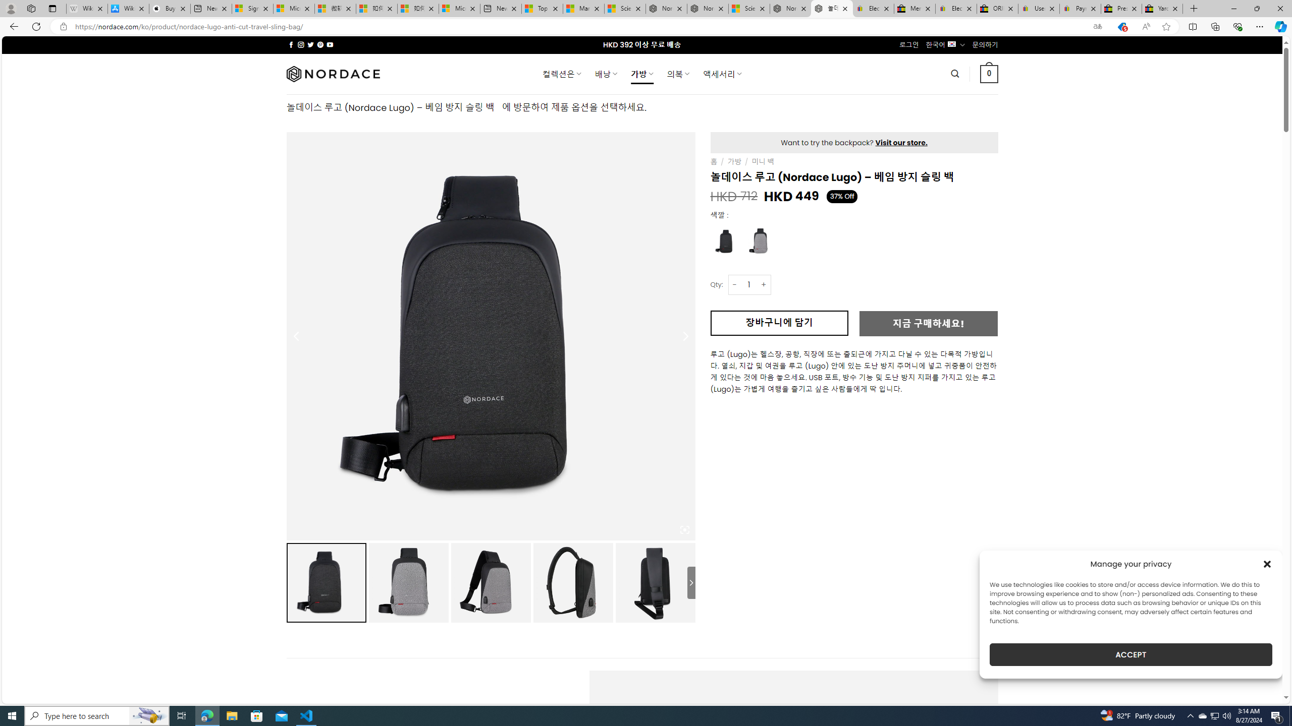  Describe the element at coordinates (319, 44) in the screenshot. I see `'Follow on Pinterest'` at that location.